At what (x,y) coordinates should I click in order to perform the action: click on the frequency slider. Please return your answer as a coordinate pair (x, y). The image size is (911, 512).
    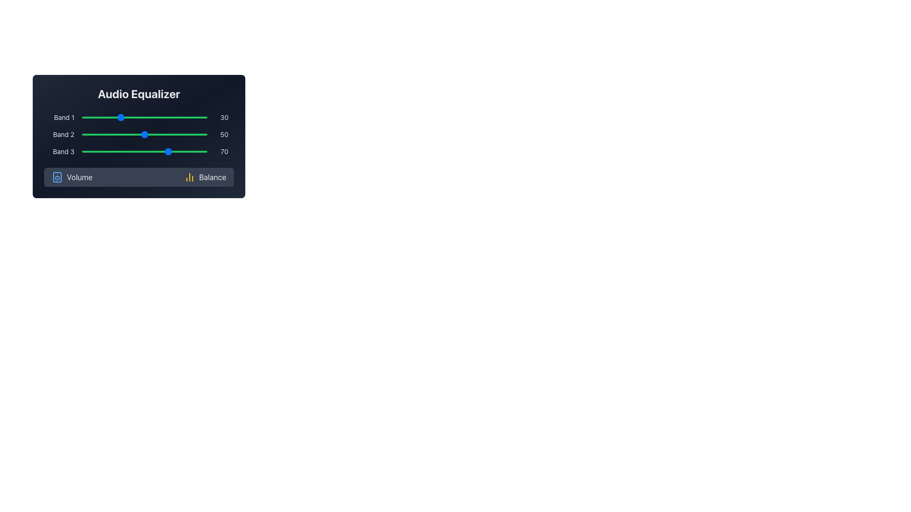
    Looking at the image, I should click on (148, 135).